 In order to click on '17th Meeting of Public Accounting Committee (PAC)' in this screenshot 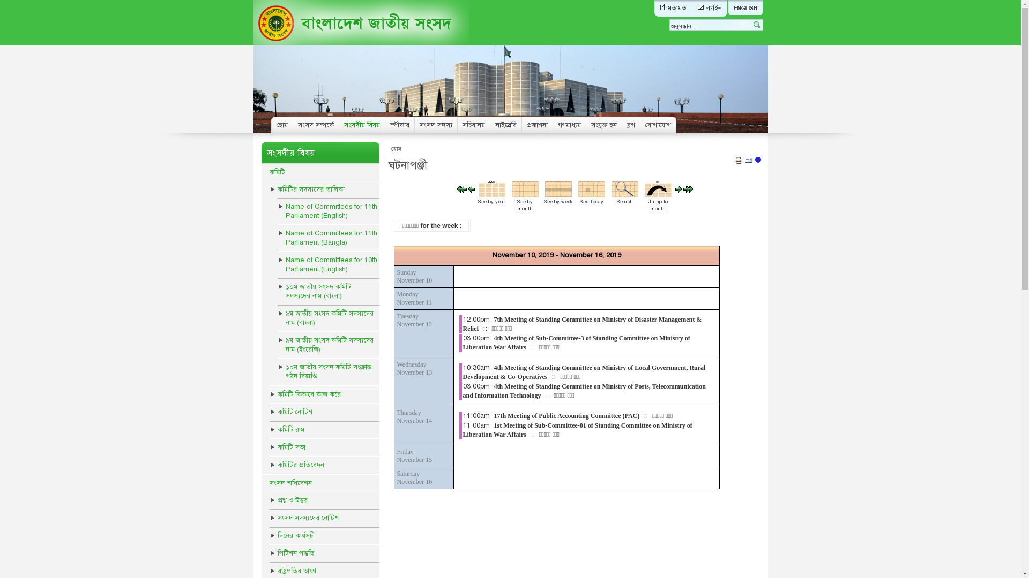, I will do `click(566, 415)`.